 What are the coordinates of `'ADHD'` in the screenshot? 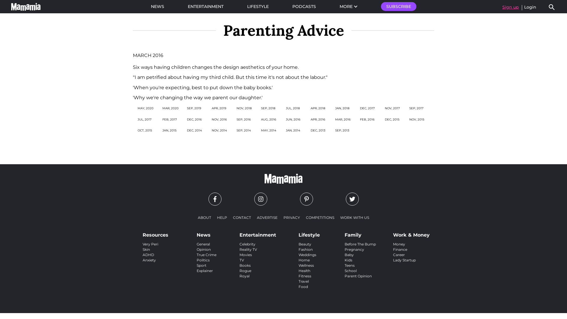 It's located at (148, 254).